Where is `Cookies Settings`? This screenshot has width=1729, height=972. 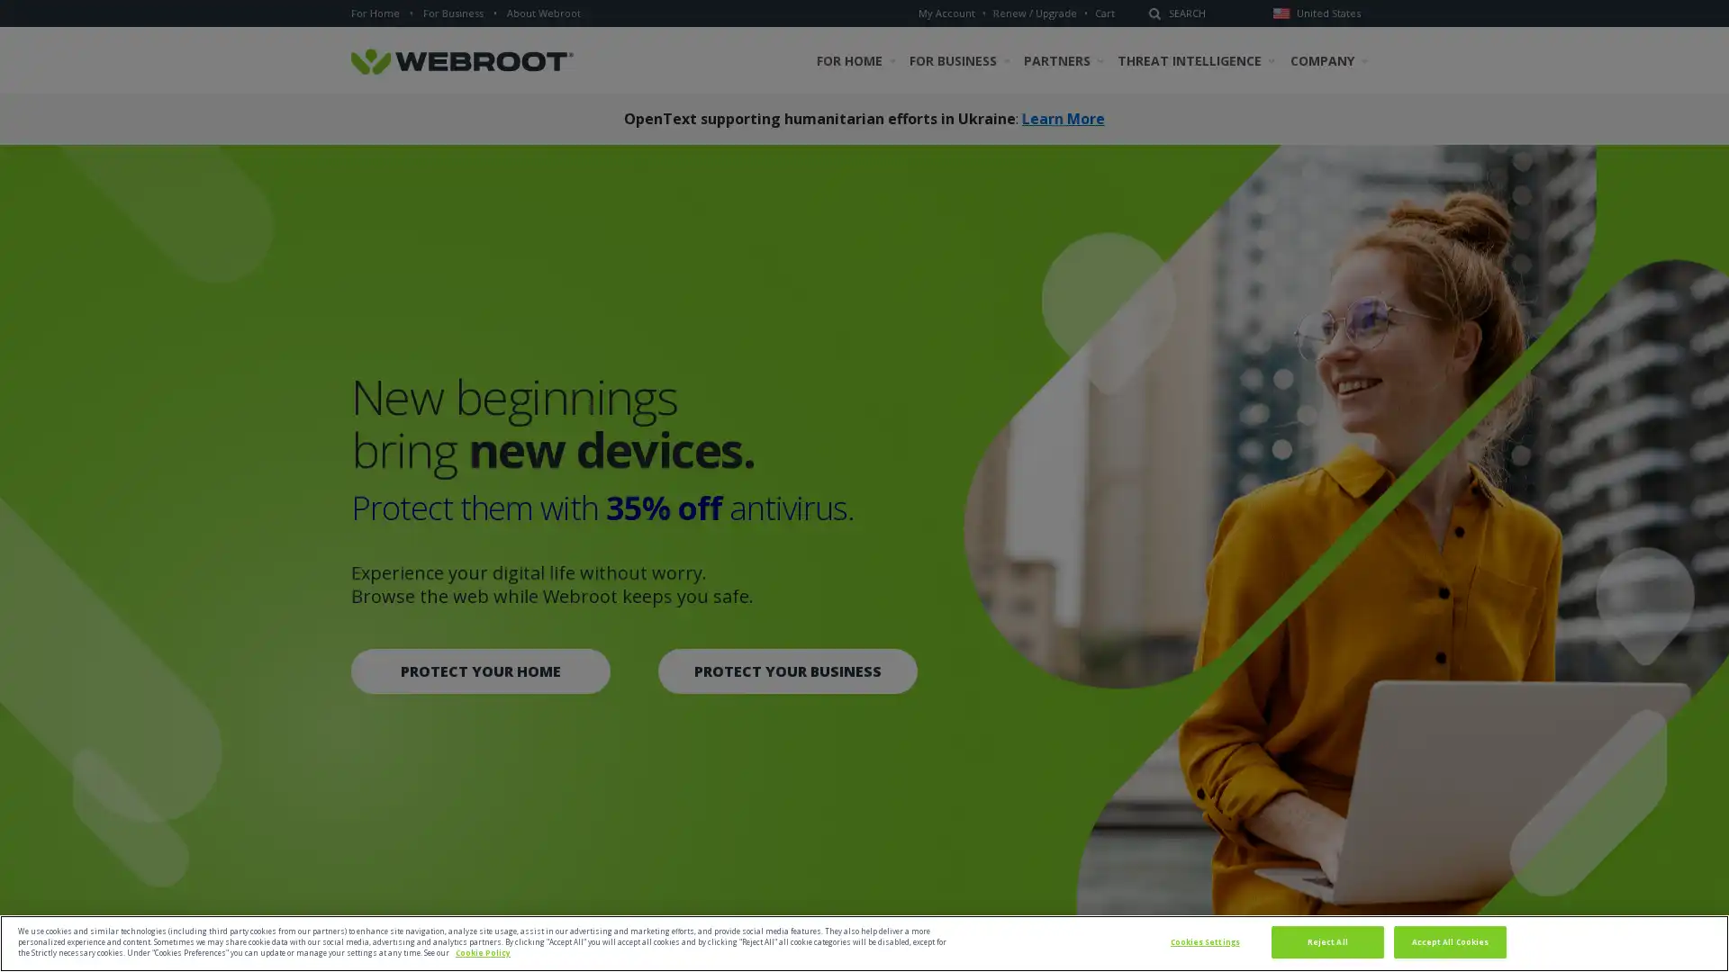 Cookies Settings is located at coordinates (1204, 940).